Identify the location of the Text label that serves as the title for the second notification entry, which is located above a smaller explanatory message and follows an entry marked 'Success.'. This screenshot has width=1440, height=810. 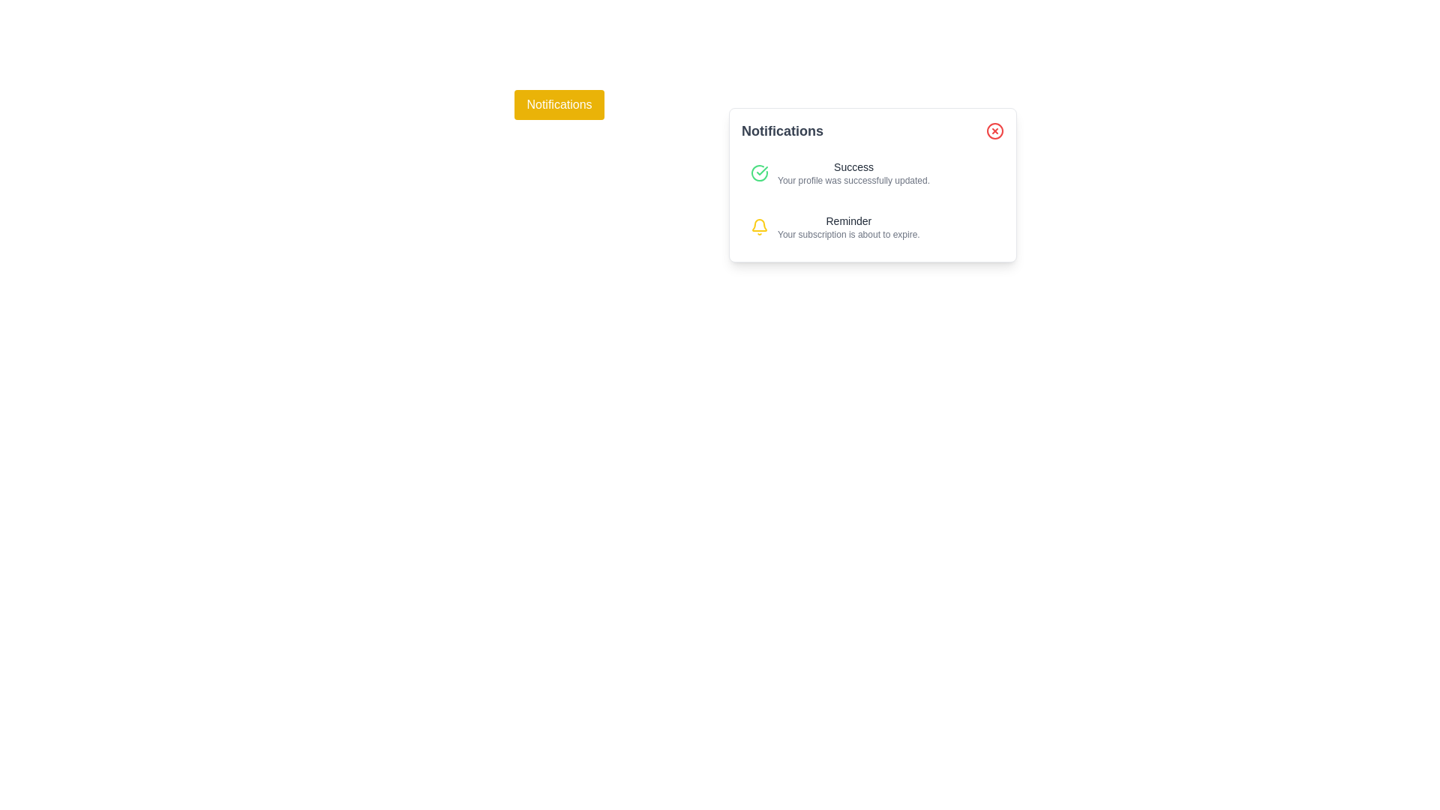
(848, 220).